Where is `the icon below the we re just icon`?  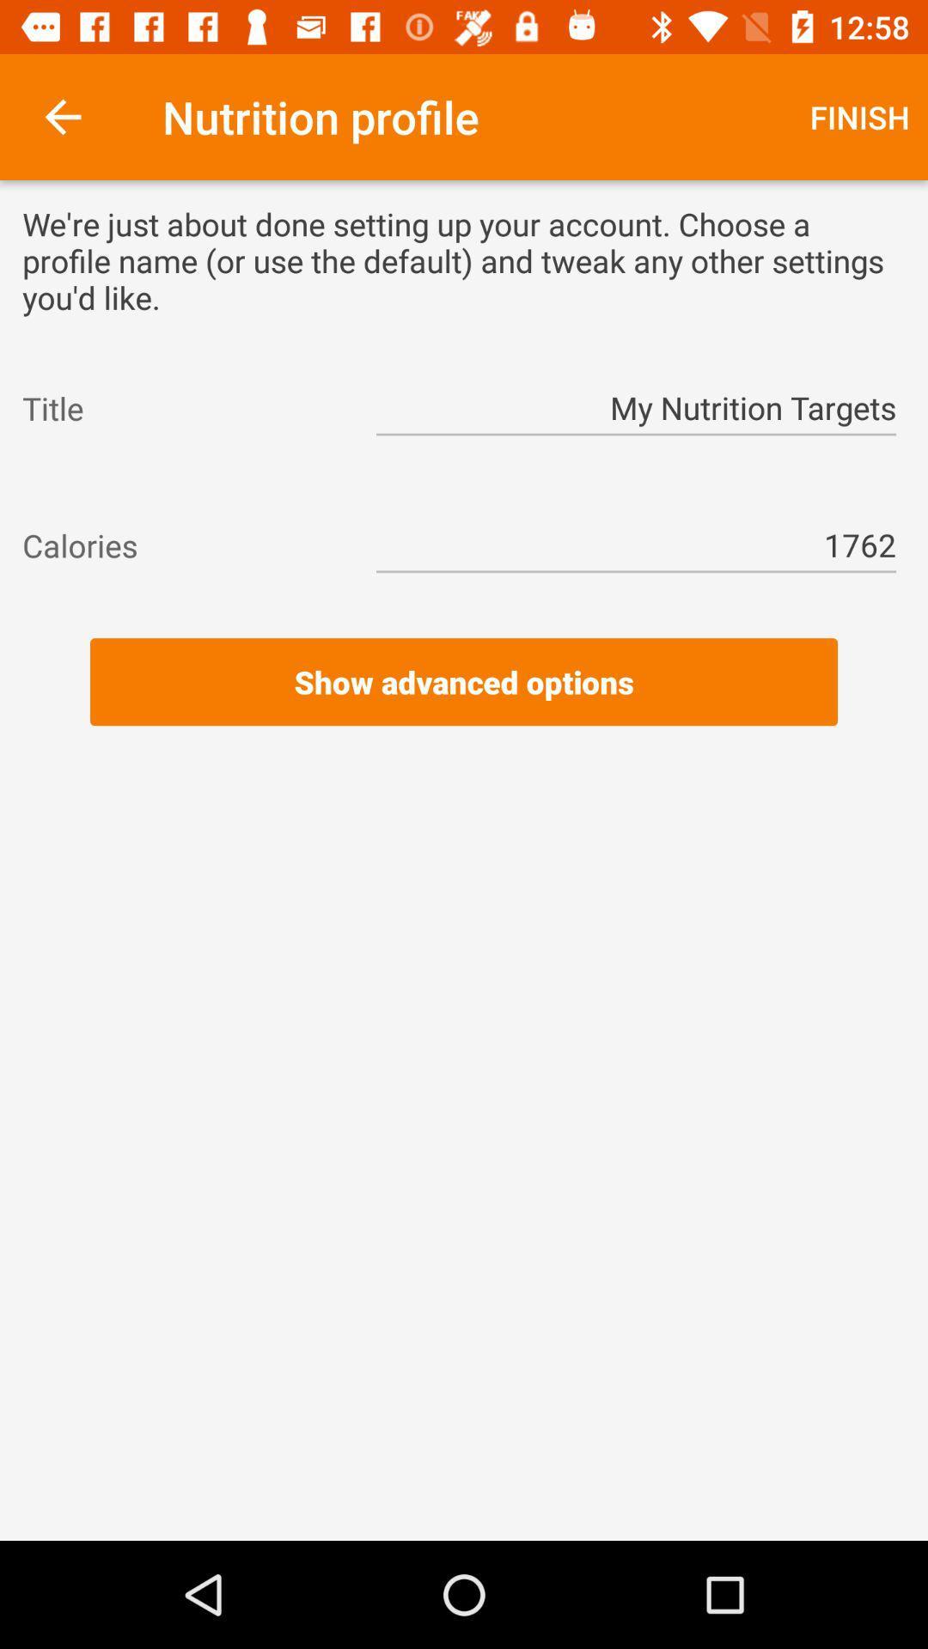
the icon below the we re just icon is located at coordinates (636, 407).